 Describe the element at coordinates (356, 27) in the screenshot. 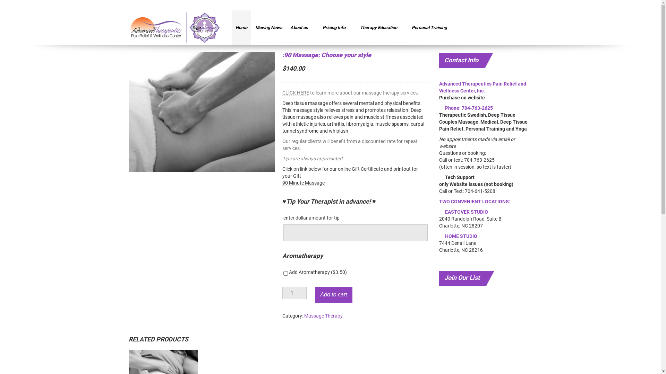

I see `'Therapy Education'` at that location.